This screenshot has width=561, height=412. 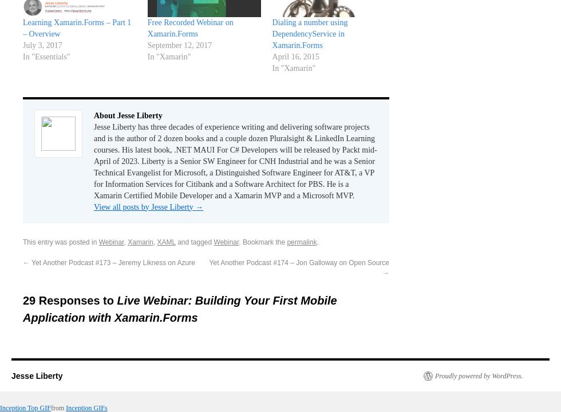 What do you see at coordinates (179, 309) in the screenshot?
I see `'Live Webinar: Building Your First Mobile Application with Xamarin.Forms'` at bounding box center [179, 309].